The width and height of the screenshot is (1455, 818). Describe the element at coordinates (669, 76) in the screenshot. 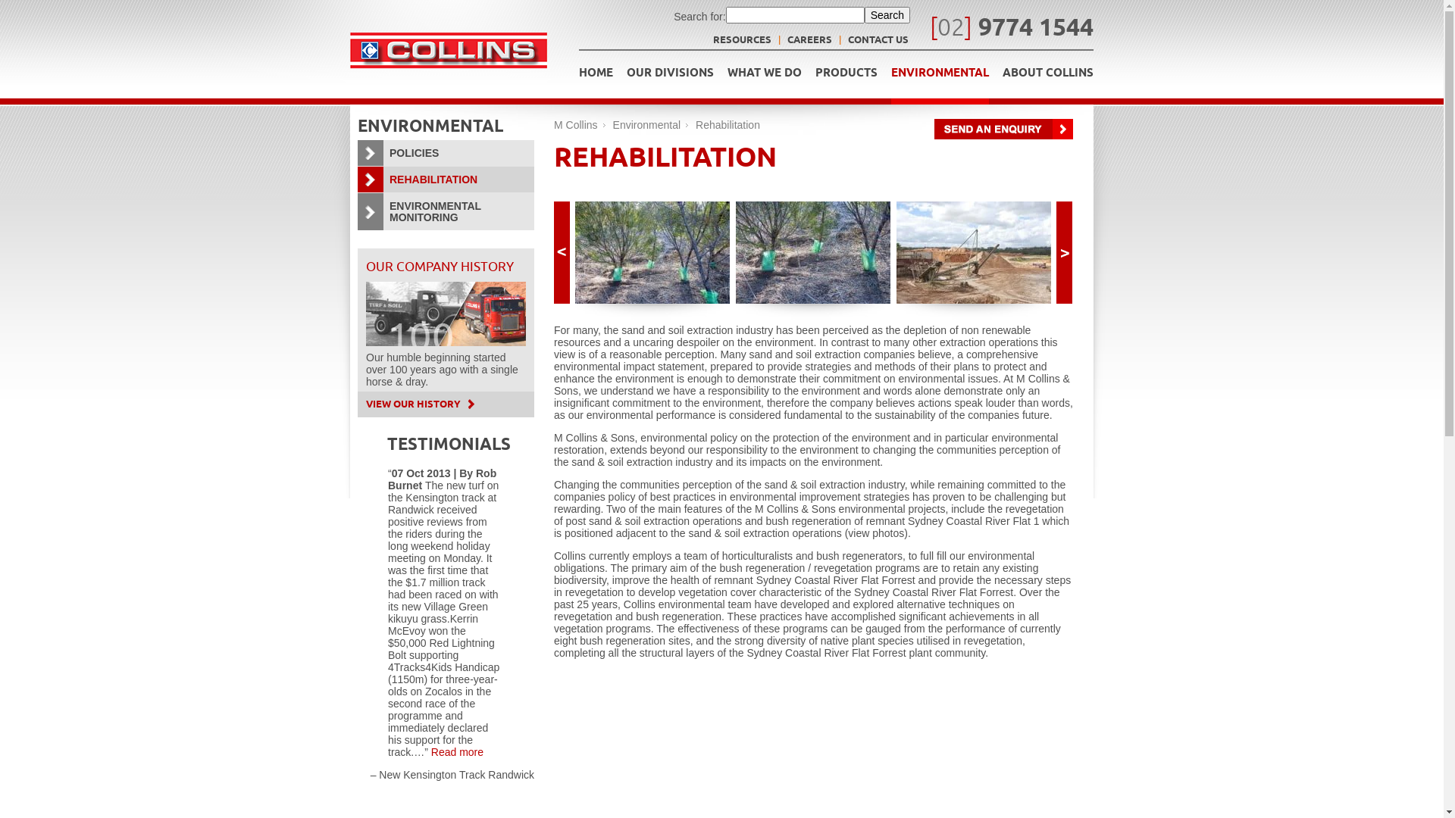

I see `'OUR DIVISIONS'` at that location.